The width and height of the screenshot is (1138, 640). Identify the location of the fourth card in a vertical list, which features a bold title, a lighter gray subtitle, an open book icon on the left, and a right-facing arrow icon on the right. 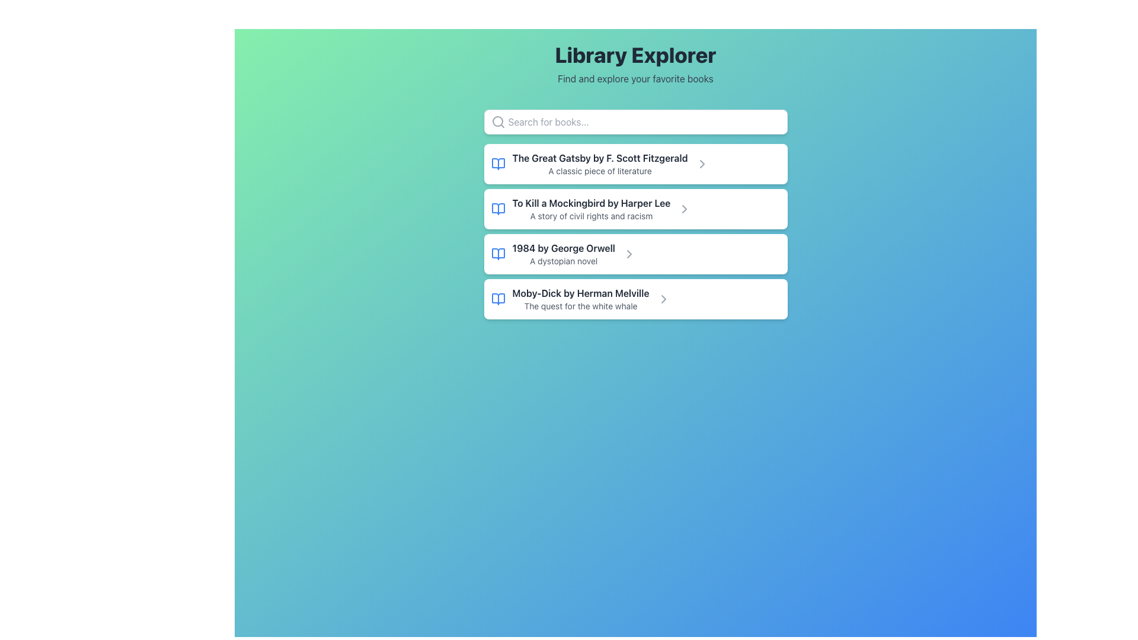
(635, 299).